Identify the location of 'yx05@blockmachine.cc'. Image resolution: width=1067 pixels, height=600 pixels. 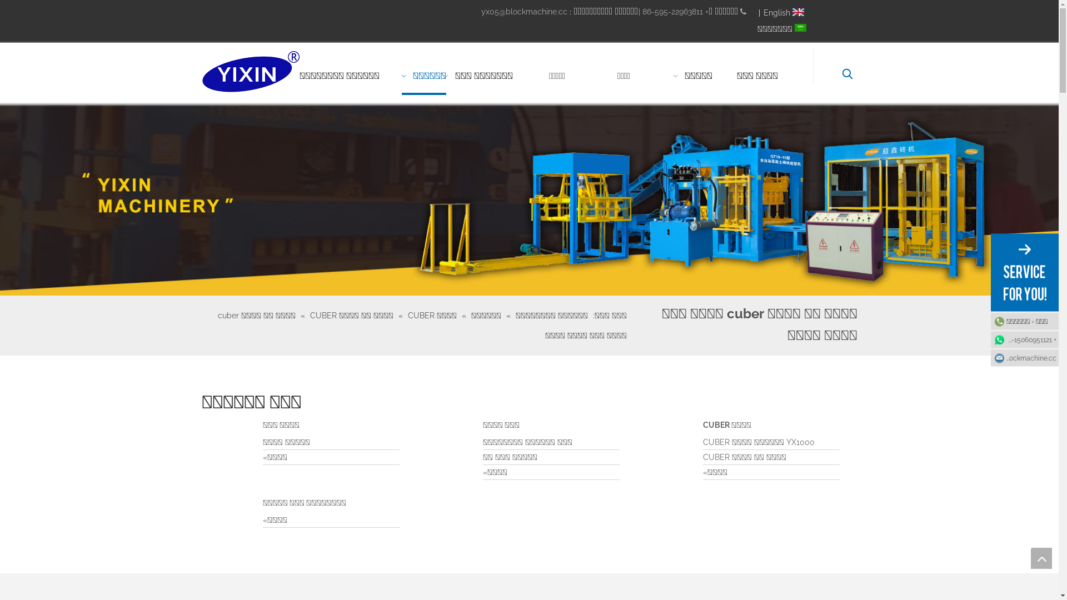
(523, 11).